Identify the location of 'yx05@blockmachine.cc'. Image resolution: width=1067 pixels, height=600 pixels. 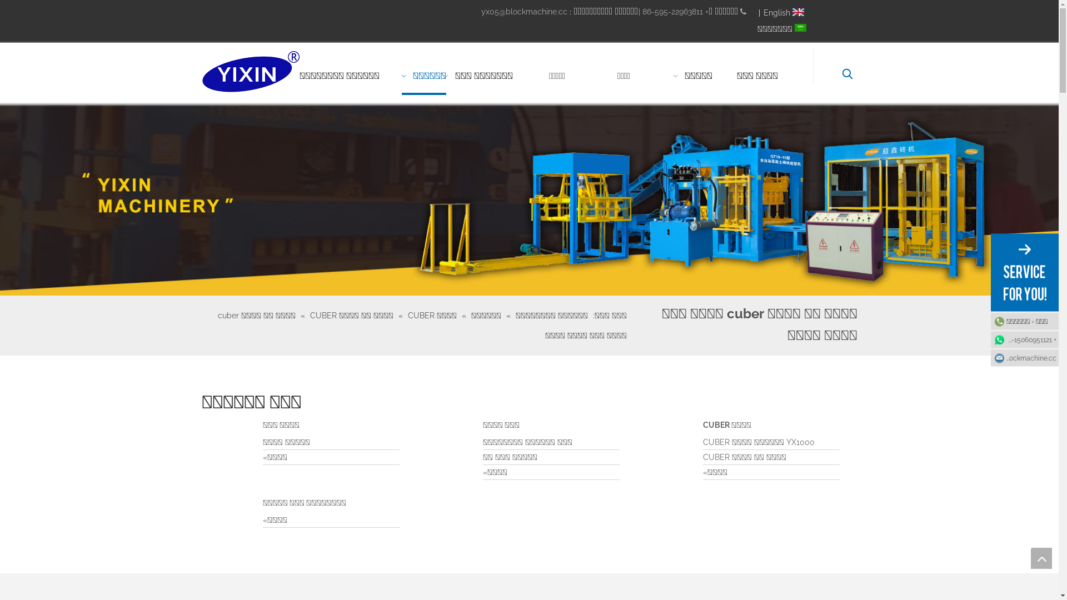
(523, 11).